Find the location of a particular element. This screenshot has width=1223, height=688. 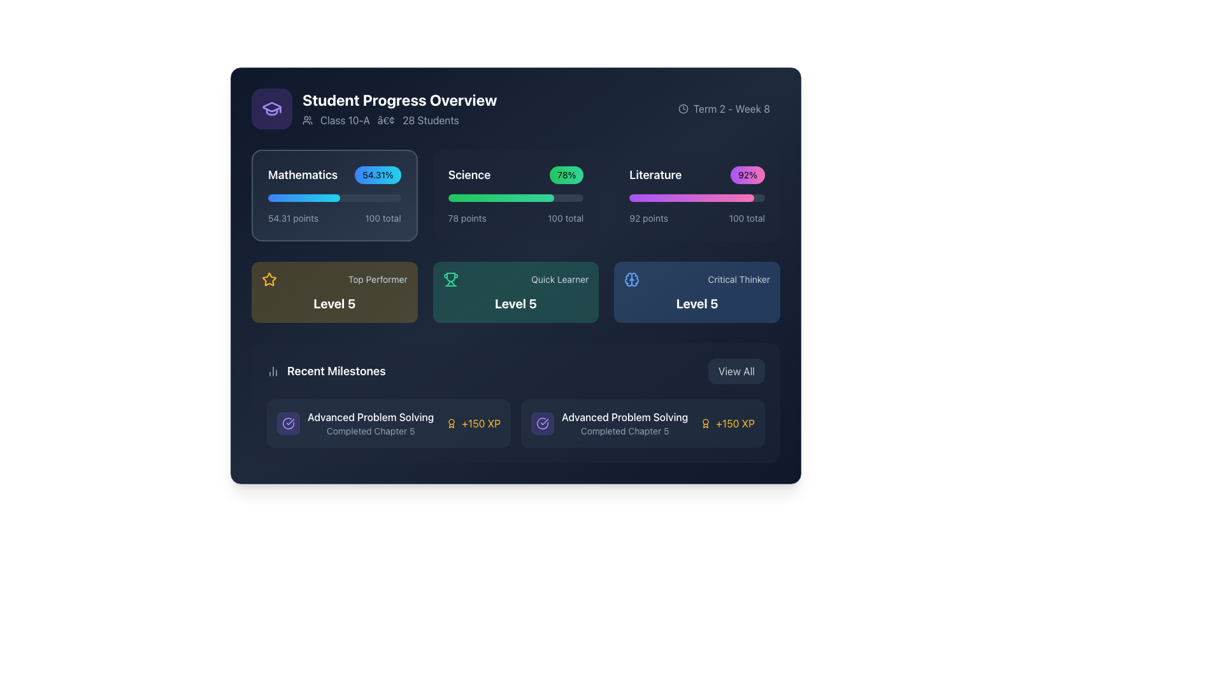

the graduation cap icon, which is an SVG element located at the top-left side of the interface, indicating education or academic progress is located at coordinates (271, 106).